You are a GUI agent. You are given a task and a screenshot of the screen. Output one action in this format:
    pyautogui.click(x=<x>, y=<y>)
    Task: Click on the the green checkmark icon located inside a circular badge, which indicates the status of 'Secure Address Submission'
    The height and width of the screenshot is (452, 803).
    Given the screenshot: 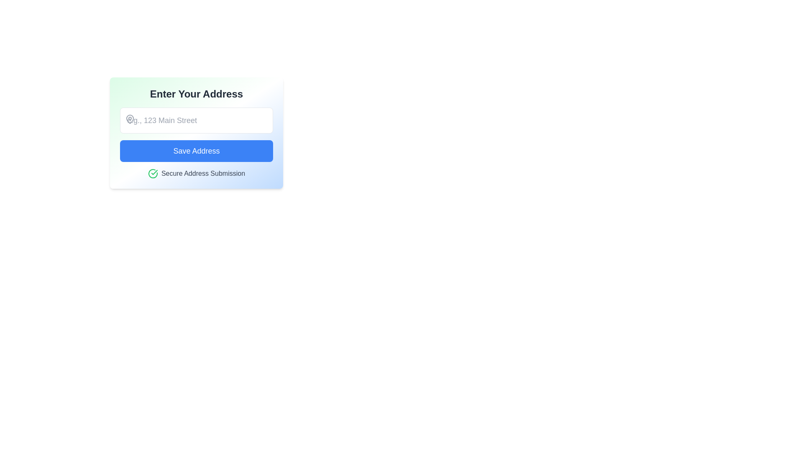 What is the action you would take?
    pyautogui.click(x=154, y=172)
    